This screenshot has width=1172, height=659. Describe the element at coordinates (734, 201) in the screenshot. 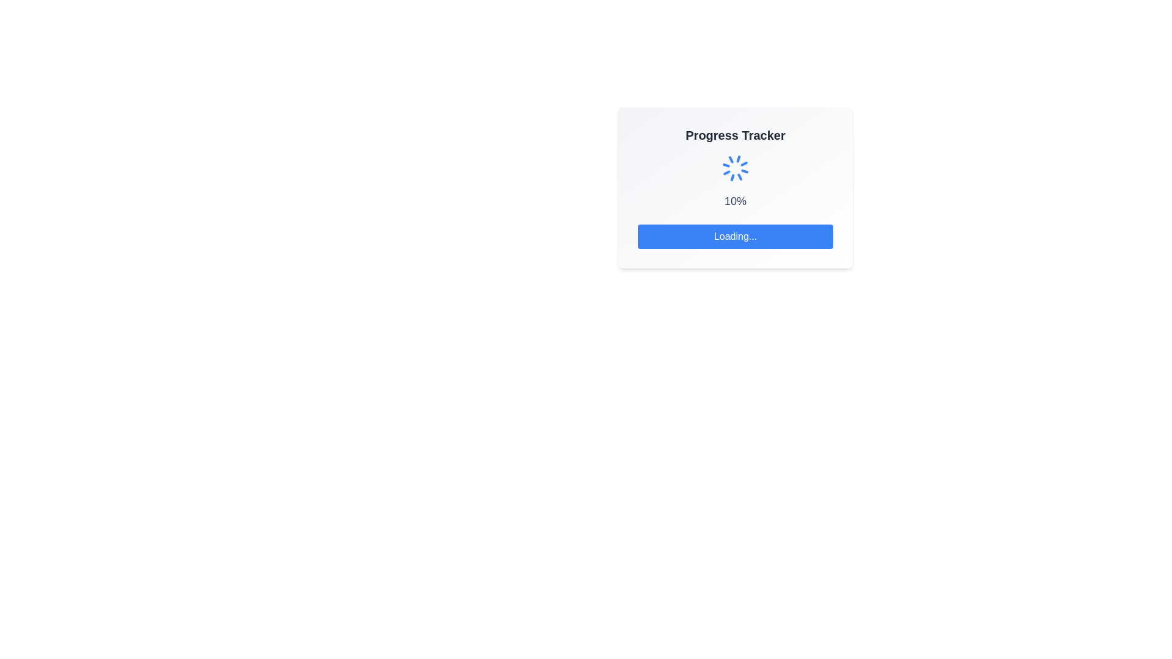

I see `the text label displaying '0%' which is positioned beneath the spinning loader icon and above the blue button labeled 'Loading...'` at that location.